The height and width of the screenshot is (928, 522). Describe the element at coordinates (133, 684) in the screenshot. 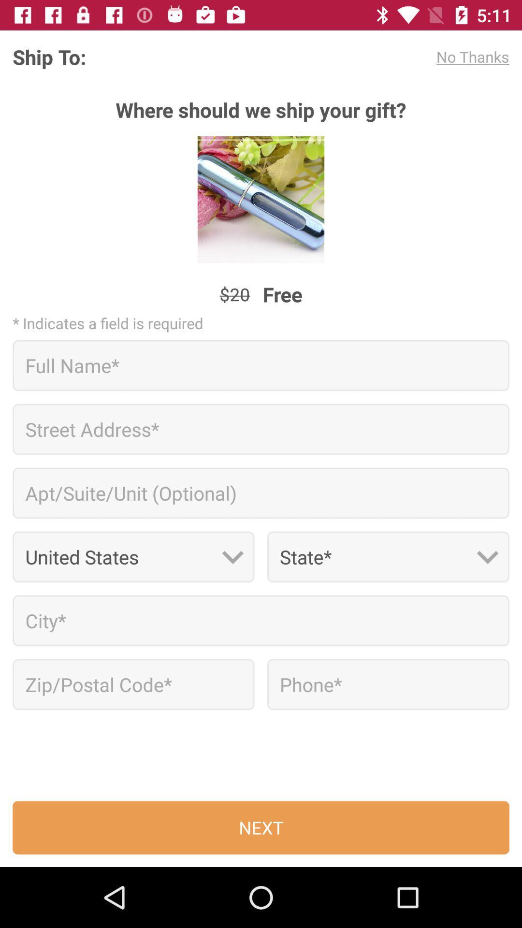

I see `zip/postal code` at that location.